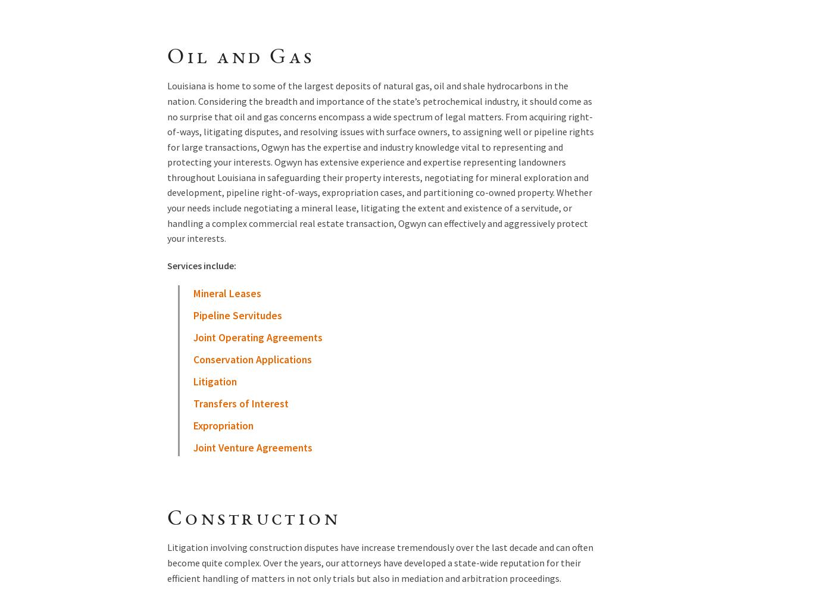 The height and width of the screenshot is (592, 813). What do you see at coordinates (380, 161) in the screenshot?
I see `'Louisiana is home to some of the largest deposits of natural gas, oil and shale hydrocarbons in the nation. Considering the breadth and importance of the state’s petrochemical industry, it should come as no surprise that oil and gas concerns encompass a wide spectrum of legal matters. From acquiring right-of-ways, litigating disputes, and resolving issues with surface owners, to assigning well or pipeline rights for large transactions, Ogwyn has the expertise and industry knowledge vital to representing and protecting your interests. Ogwyn has extensive experience and expertise representing landowners throughout Louisiana in safeguarding their property interests, negotiating for mineral exploration and development, pipeline right-of-ways, expropriation cases, and partitioning co-owned property. Whether your needs include negotiating a mineral lease, litigating the extent and existence of a servitude, or handling a complex commercial real estate transaction, Ogwyn can effectively and aggressively protect your interests.'` at bounding box center [380, 161].